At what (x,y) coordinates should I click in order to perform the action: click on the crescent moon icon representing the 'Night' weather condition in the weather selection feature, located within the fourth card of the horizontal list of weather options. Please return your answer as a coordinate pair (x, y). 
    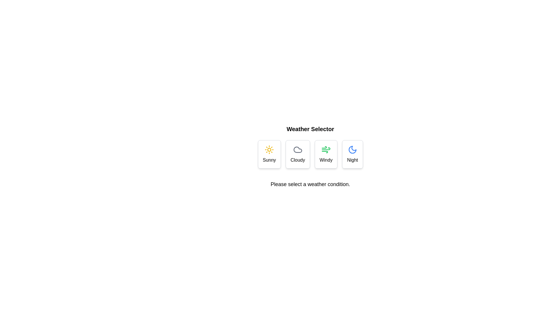
    Looking at the image, I should click on (352, 149).